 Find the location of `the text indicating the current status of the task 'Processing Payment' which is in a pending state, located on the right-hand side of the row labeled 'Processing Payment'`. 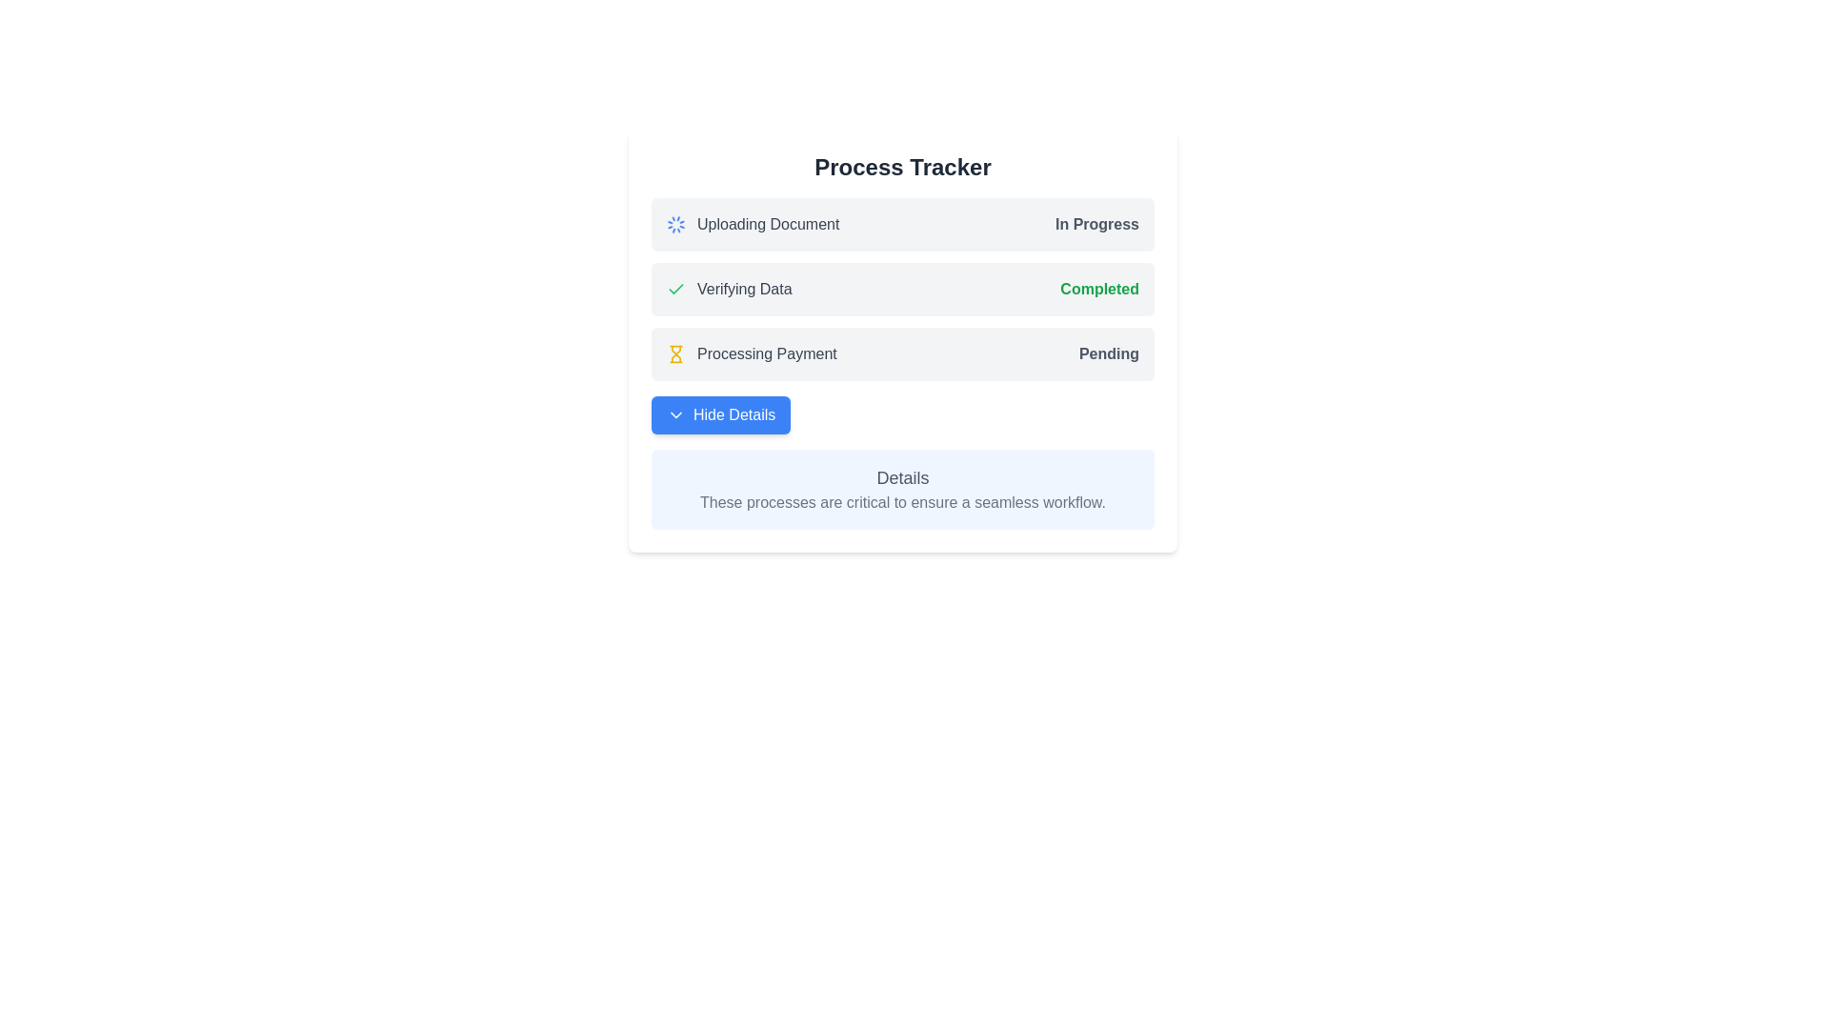

the text indicating the current status of the task 'Processing Payment' which is in a pending state, located on the right-hand side of the row labeled 'Processing Payment' is located at coordinates (1109, 353).